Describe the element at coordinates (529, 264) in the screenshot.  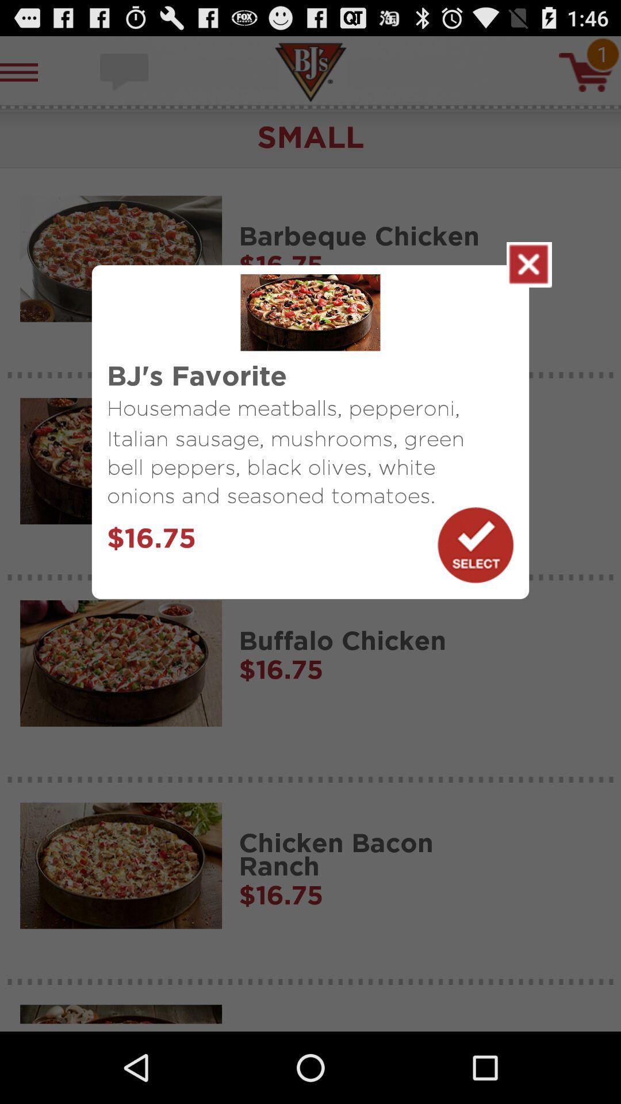
I see `item` at that location.